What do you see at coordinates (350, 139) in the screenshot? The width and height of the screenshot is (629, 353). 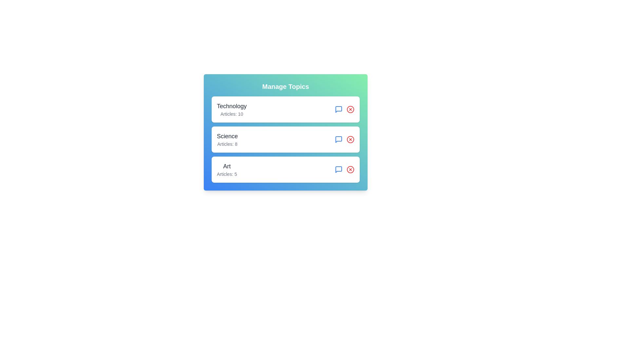 I see `the remove icon for the tag Science to delete it` at bounding box center [350, 139].